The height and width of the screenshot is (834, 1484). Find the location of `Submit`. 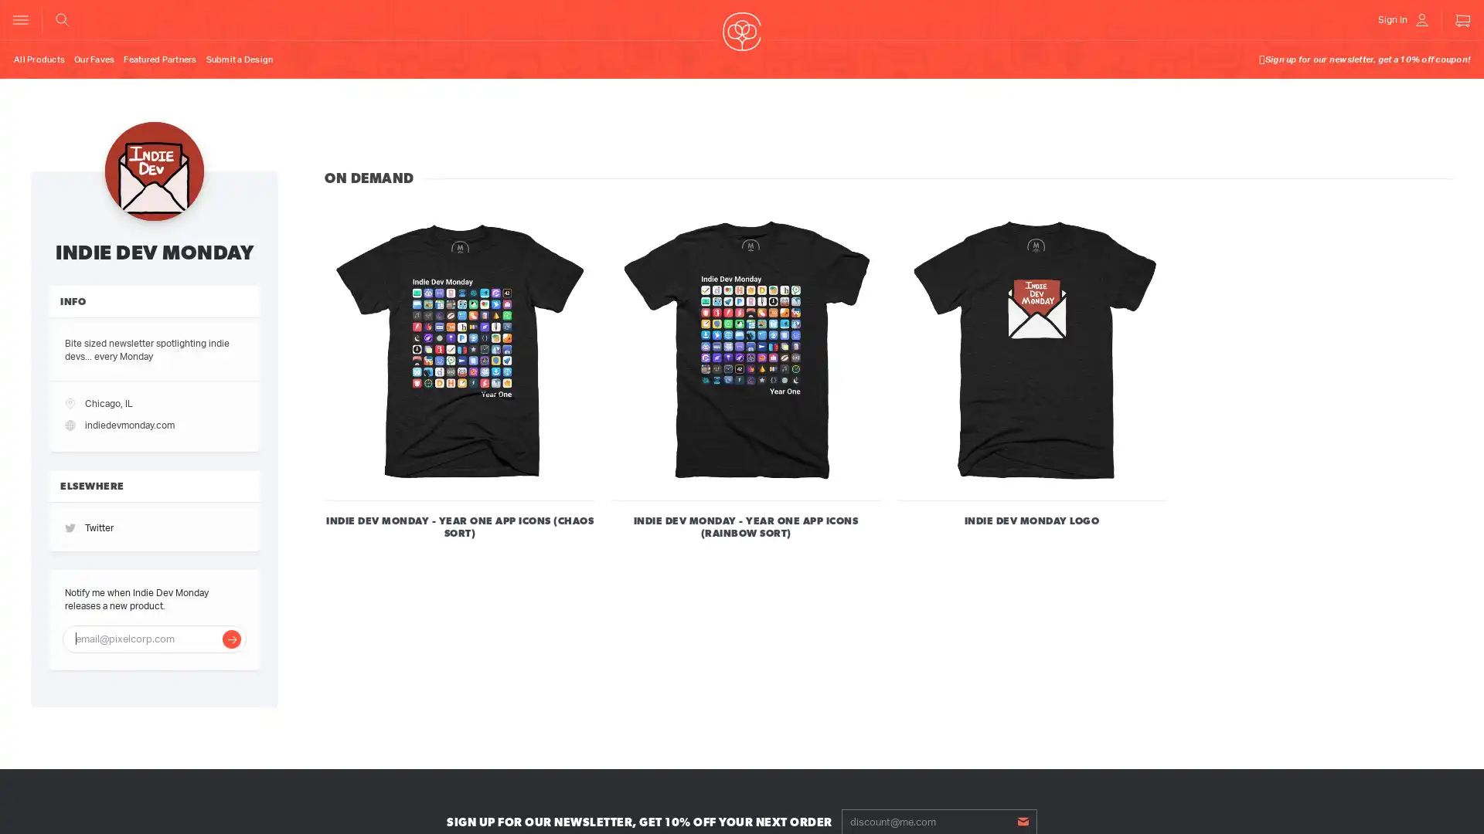

Submit is located at coordinates (1023, 820).